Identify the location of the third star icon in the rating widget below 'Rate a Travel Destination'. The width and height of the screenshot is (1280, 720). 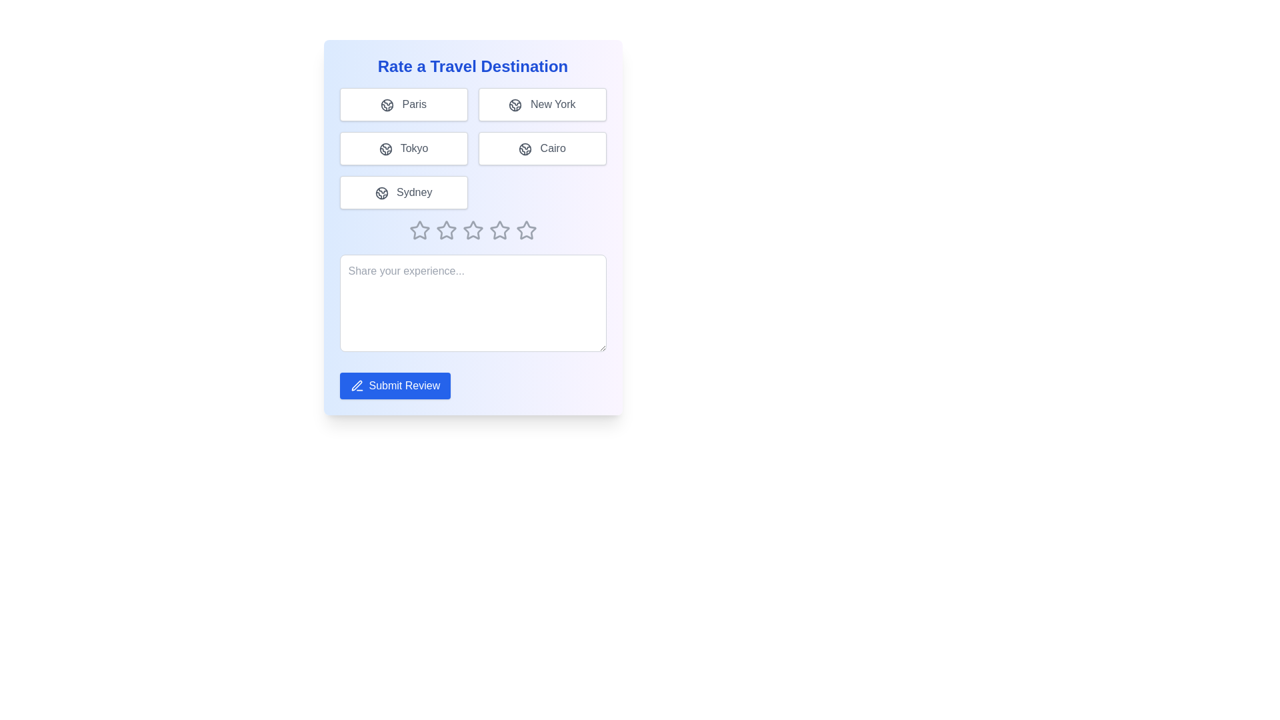
(446, 230).